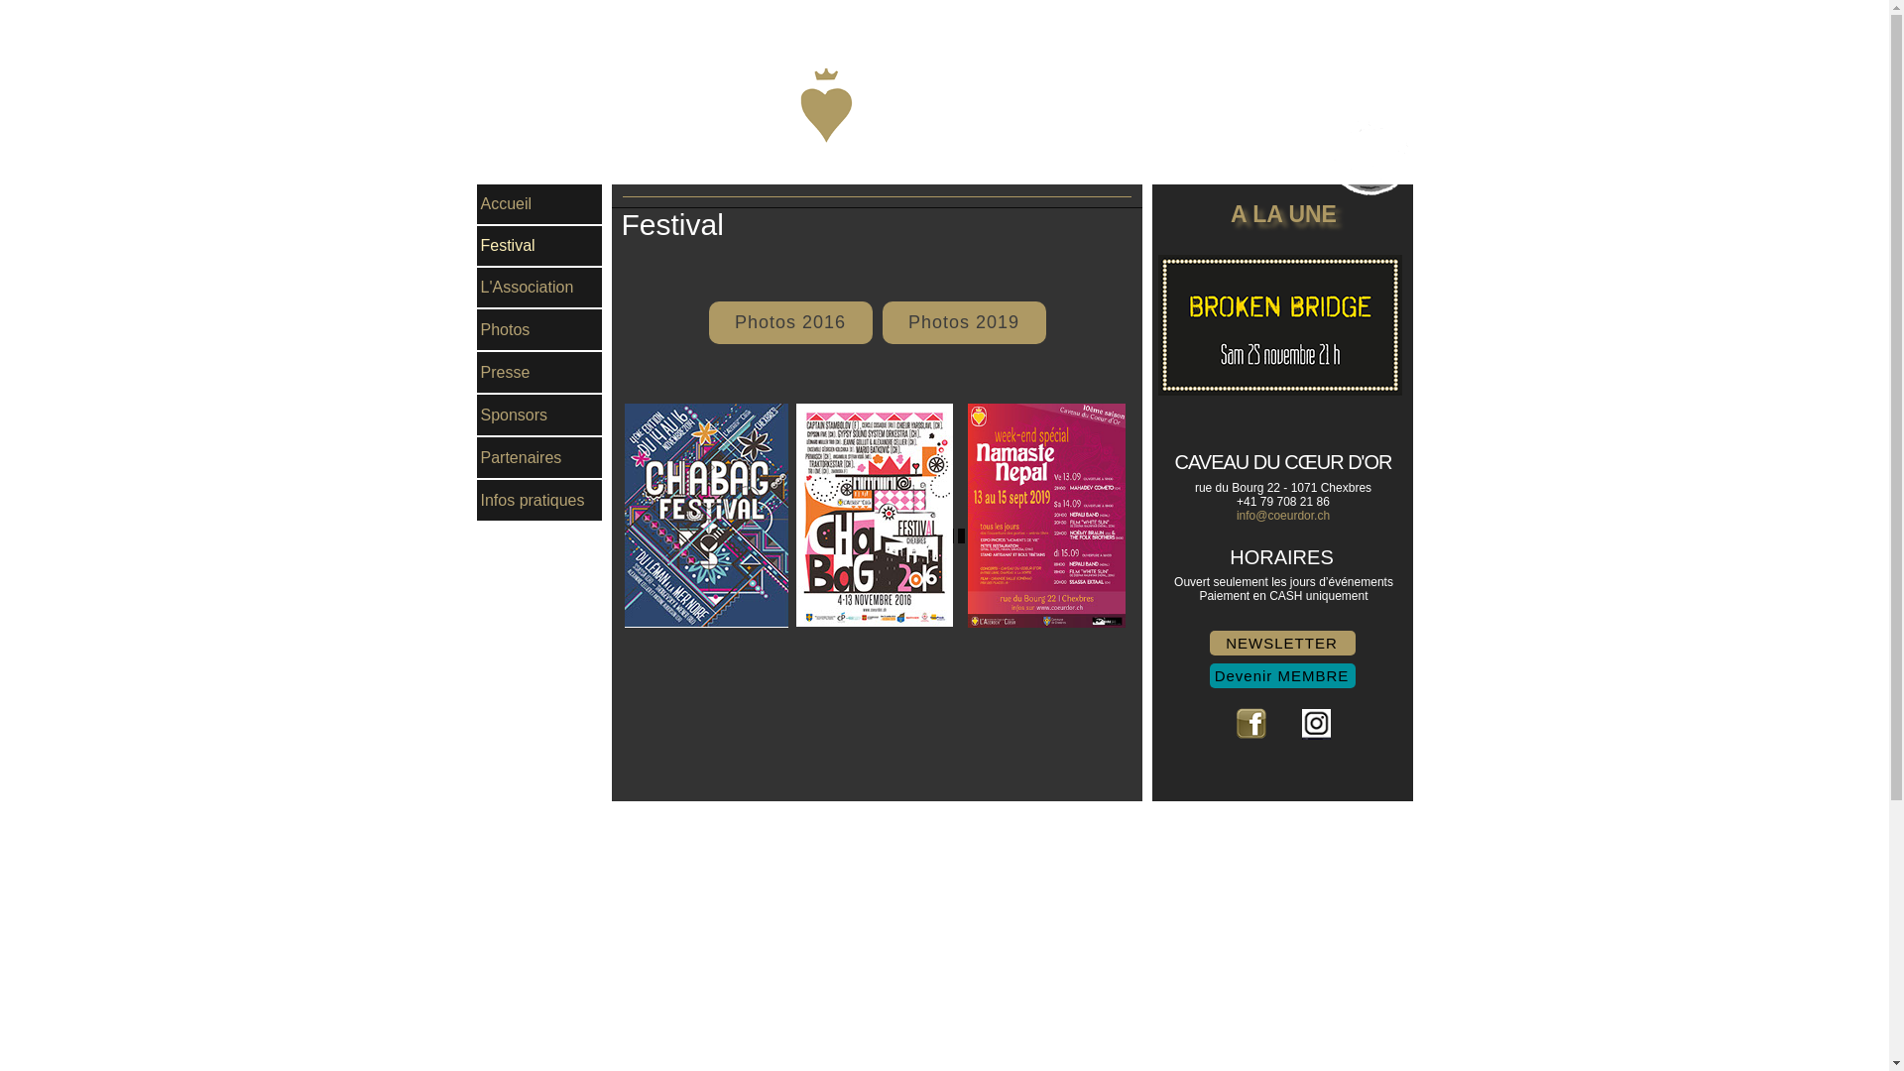 This screenshot has width=1904, height=1071. What do you see at coordinates (537, 372) in the screenshot?
I see `'Presse'` at bounding box center [537, 372].